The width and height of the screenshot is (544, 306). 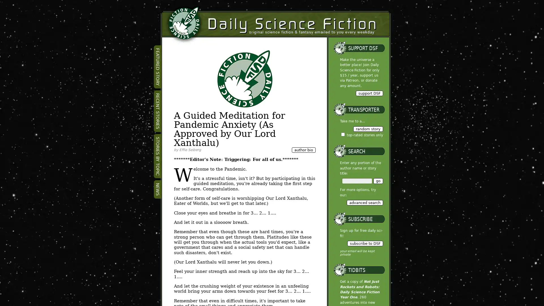 What do you see at coordinates (369, 93) in the screenshot?
I see `support DSF` at bounding box center [369, 93].